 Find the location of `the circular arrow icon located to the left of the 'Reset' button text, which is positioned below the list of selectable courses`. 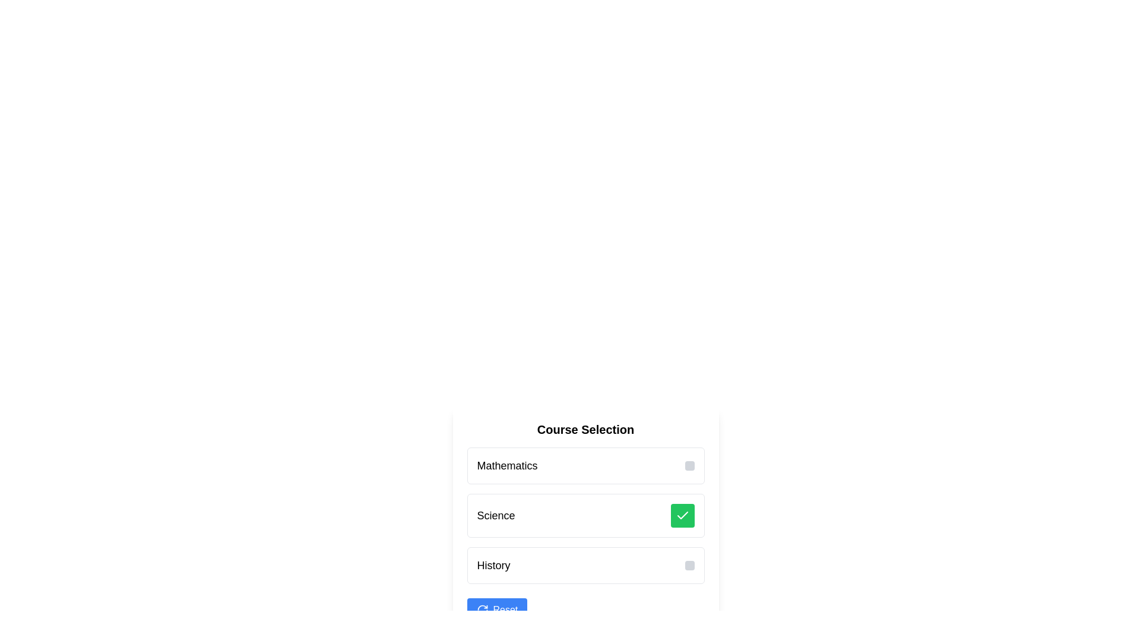

the circular arrow icon located to the left of the 'Reset' button text, which is positioned below the list of selectable courses is located at coordinates (482, 610).